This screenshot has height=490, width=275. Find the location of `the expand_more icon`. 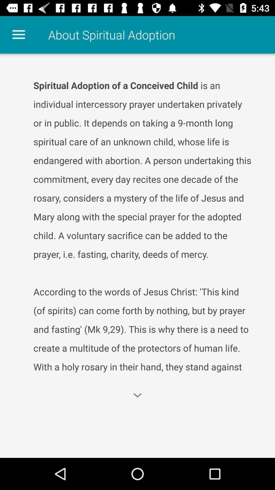

the expand_more icon is located at coordinates (137, 395).